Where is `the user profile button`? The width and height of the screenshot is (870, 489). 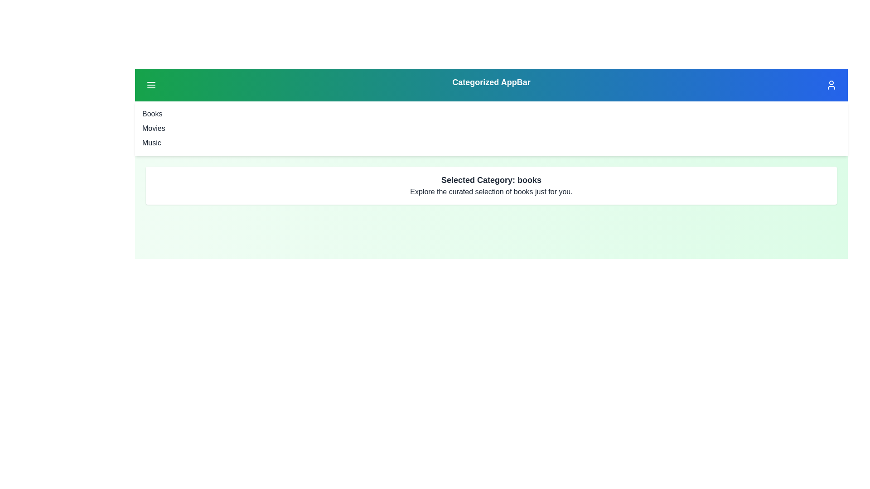 the user profile button is located at coordinates (831, 85).